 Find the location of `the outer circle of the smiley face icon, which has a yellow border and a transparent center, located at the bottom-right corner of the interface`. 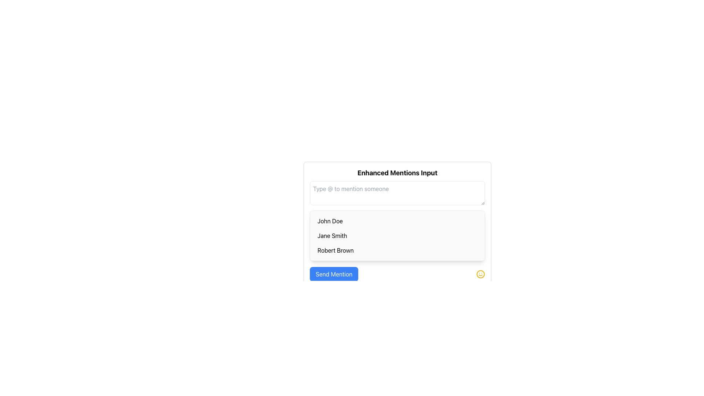

the outer circle of the smiley face icon, which has a yellow border and a transparent center, located at the bottom-right corner of the interface is located at coordinates (480, 274).